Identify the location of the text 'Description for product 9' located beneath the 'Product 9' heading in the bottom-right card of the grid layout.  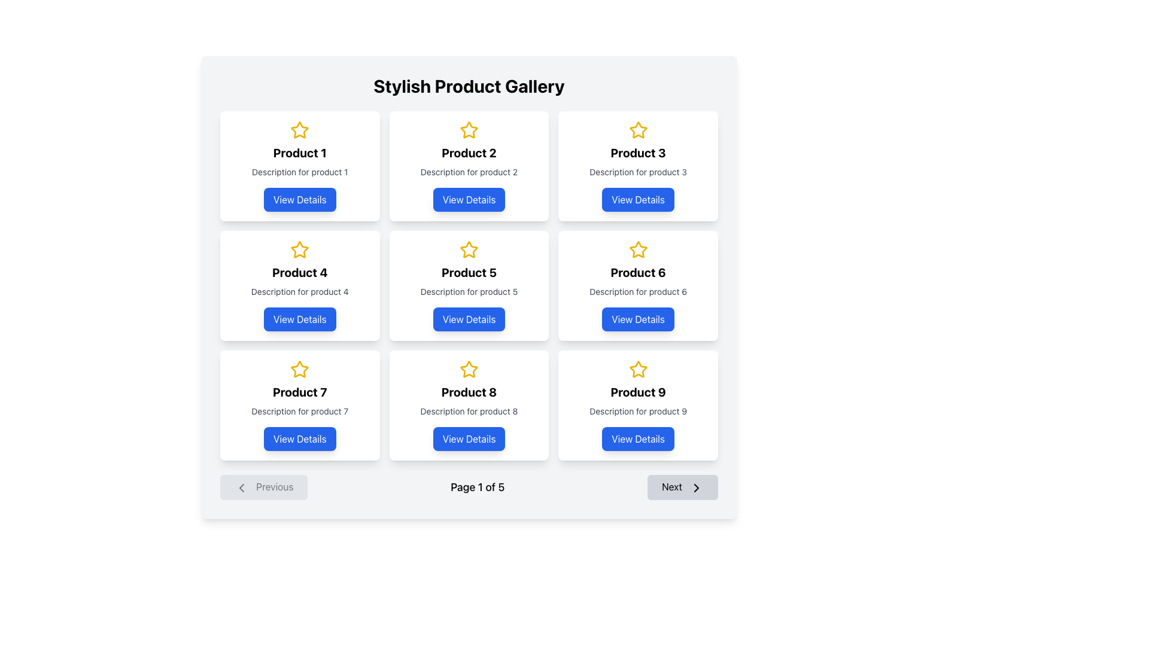
(637, 410).